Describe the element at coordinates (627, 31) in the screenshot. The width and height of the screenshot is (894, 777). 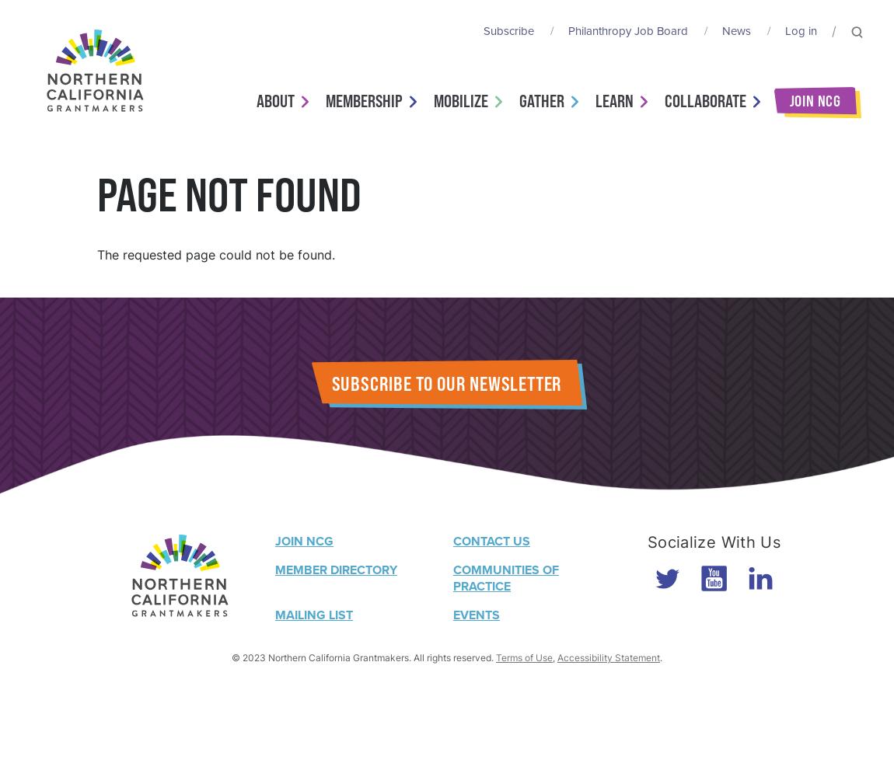
I see `'Philanthropy Job Board'` at that location.